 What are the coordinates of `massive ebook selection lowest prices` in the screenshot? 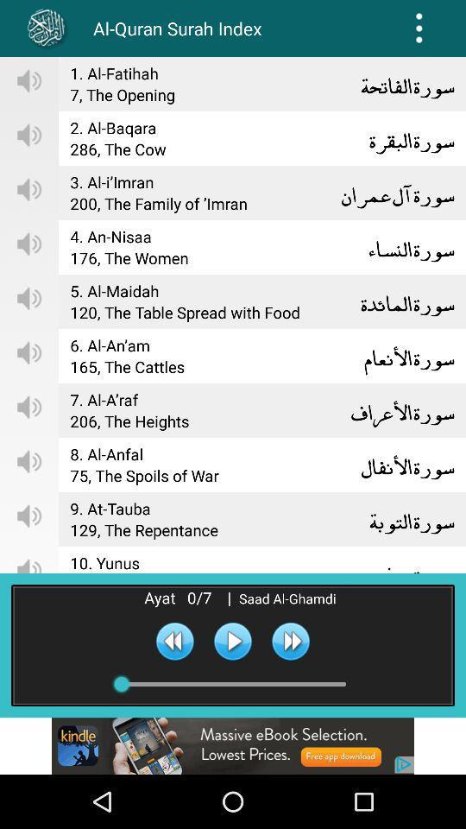 It's located at (233, 745).